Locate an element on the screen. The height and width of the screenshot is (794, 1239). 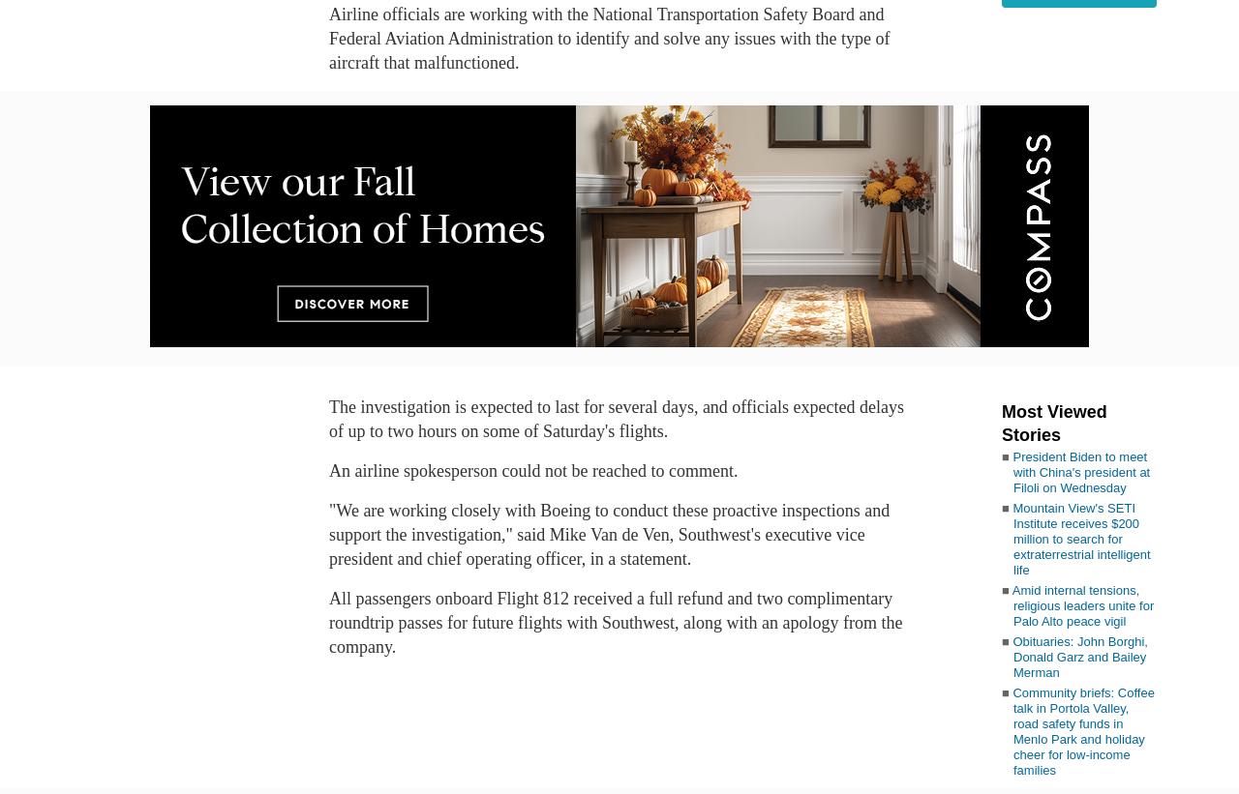
'Mountain View's SETI Institute receives $200 million to search for extraterrestrial intelligent life' is located at coordinates (1080, 538).